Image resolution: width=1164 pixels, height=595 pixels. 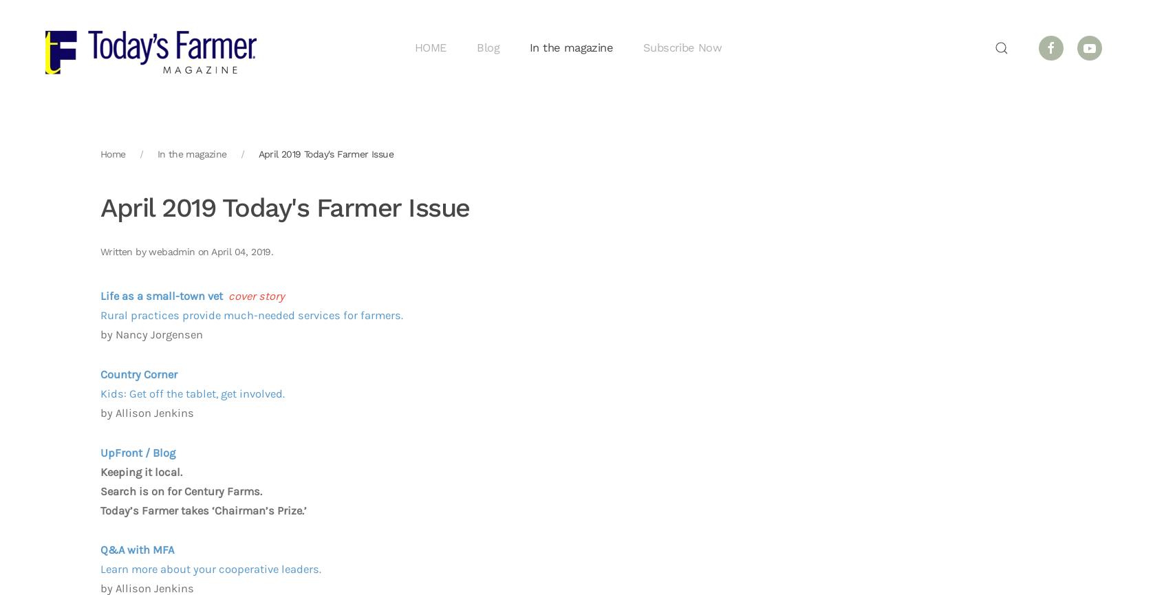 What do you see at coordinates (136, 548) in the screenshot?
I see `'Q&A with MFA'` at bounding box center [136, 548].